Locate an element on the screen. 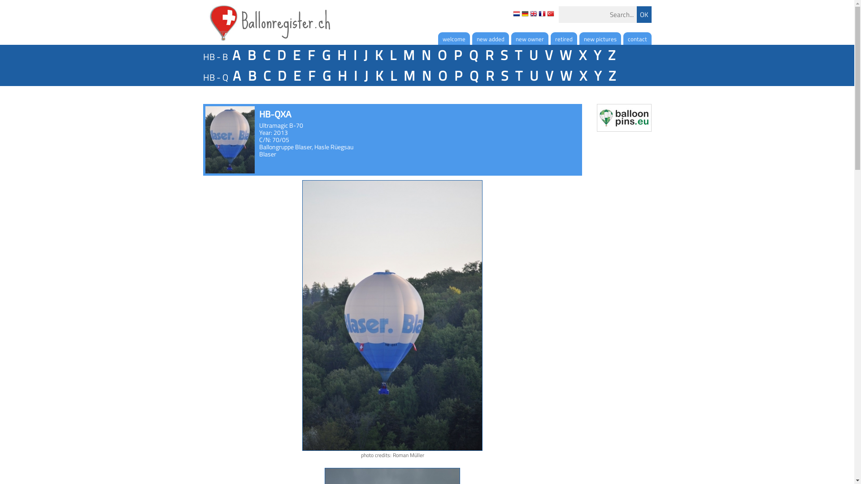 This screenshot has width=861, height=484. 'U' is located at coordinates (533, 55).